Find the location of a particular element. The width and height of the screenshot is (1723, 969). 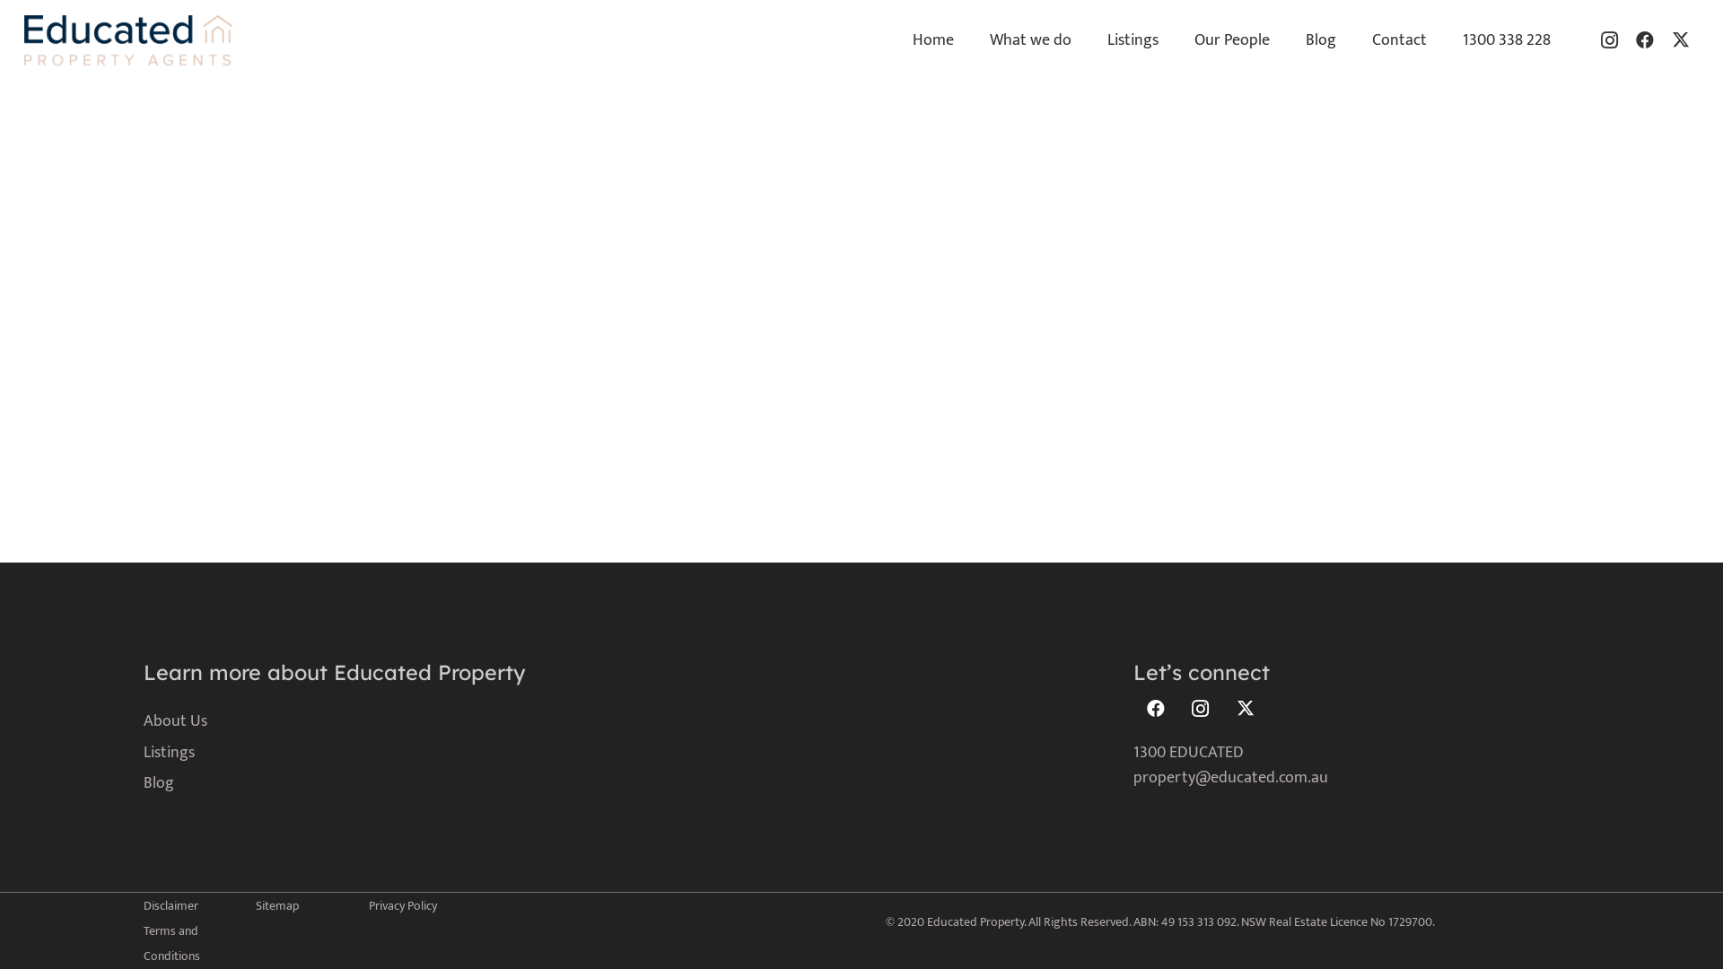

'Sitemap' is located at coordinates (276, 905).